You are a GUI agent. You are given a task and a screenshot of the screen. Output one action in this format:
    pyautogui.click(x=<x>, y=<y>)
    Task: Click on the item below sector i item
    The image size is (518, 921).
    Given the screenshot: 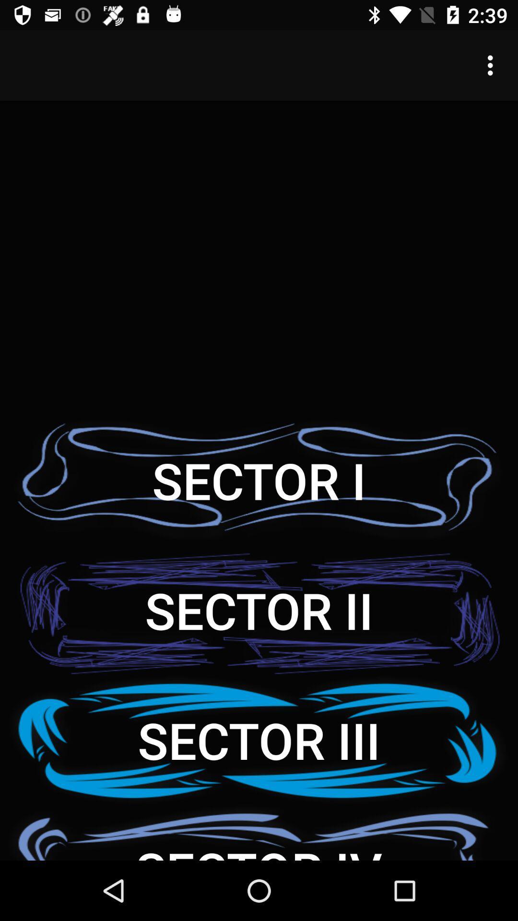 What is the action you would take?
    pyautogui.click(x=259, y=610)
    